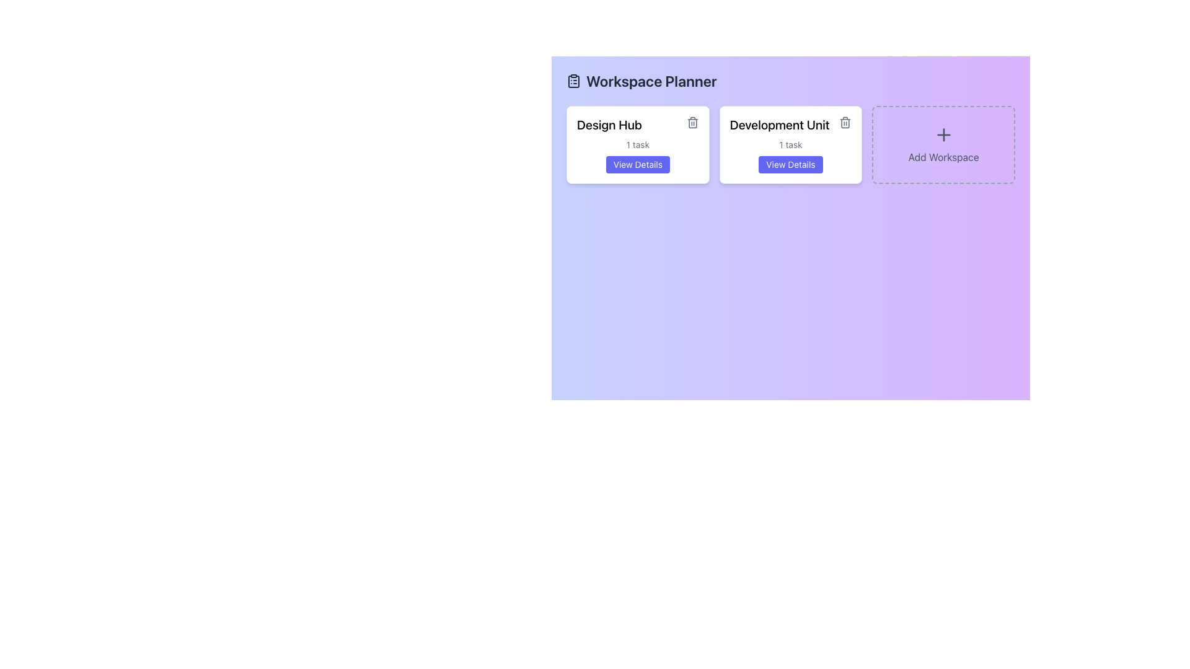  Describe the element at coordinates (943, 144) in the screenshot. I see `the rectangular button with dashed borders and rounded corners labeled 'Add Workspace' to change its border color` at that location.